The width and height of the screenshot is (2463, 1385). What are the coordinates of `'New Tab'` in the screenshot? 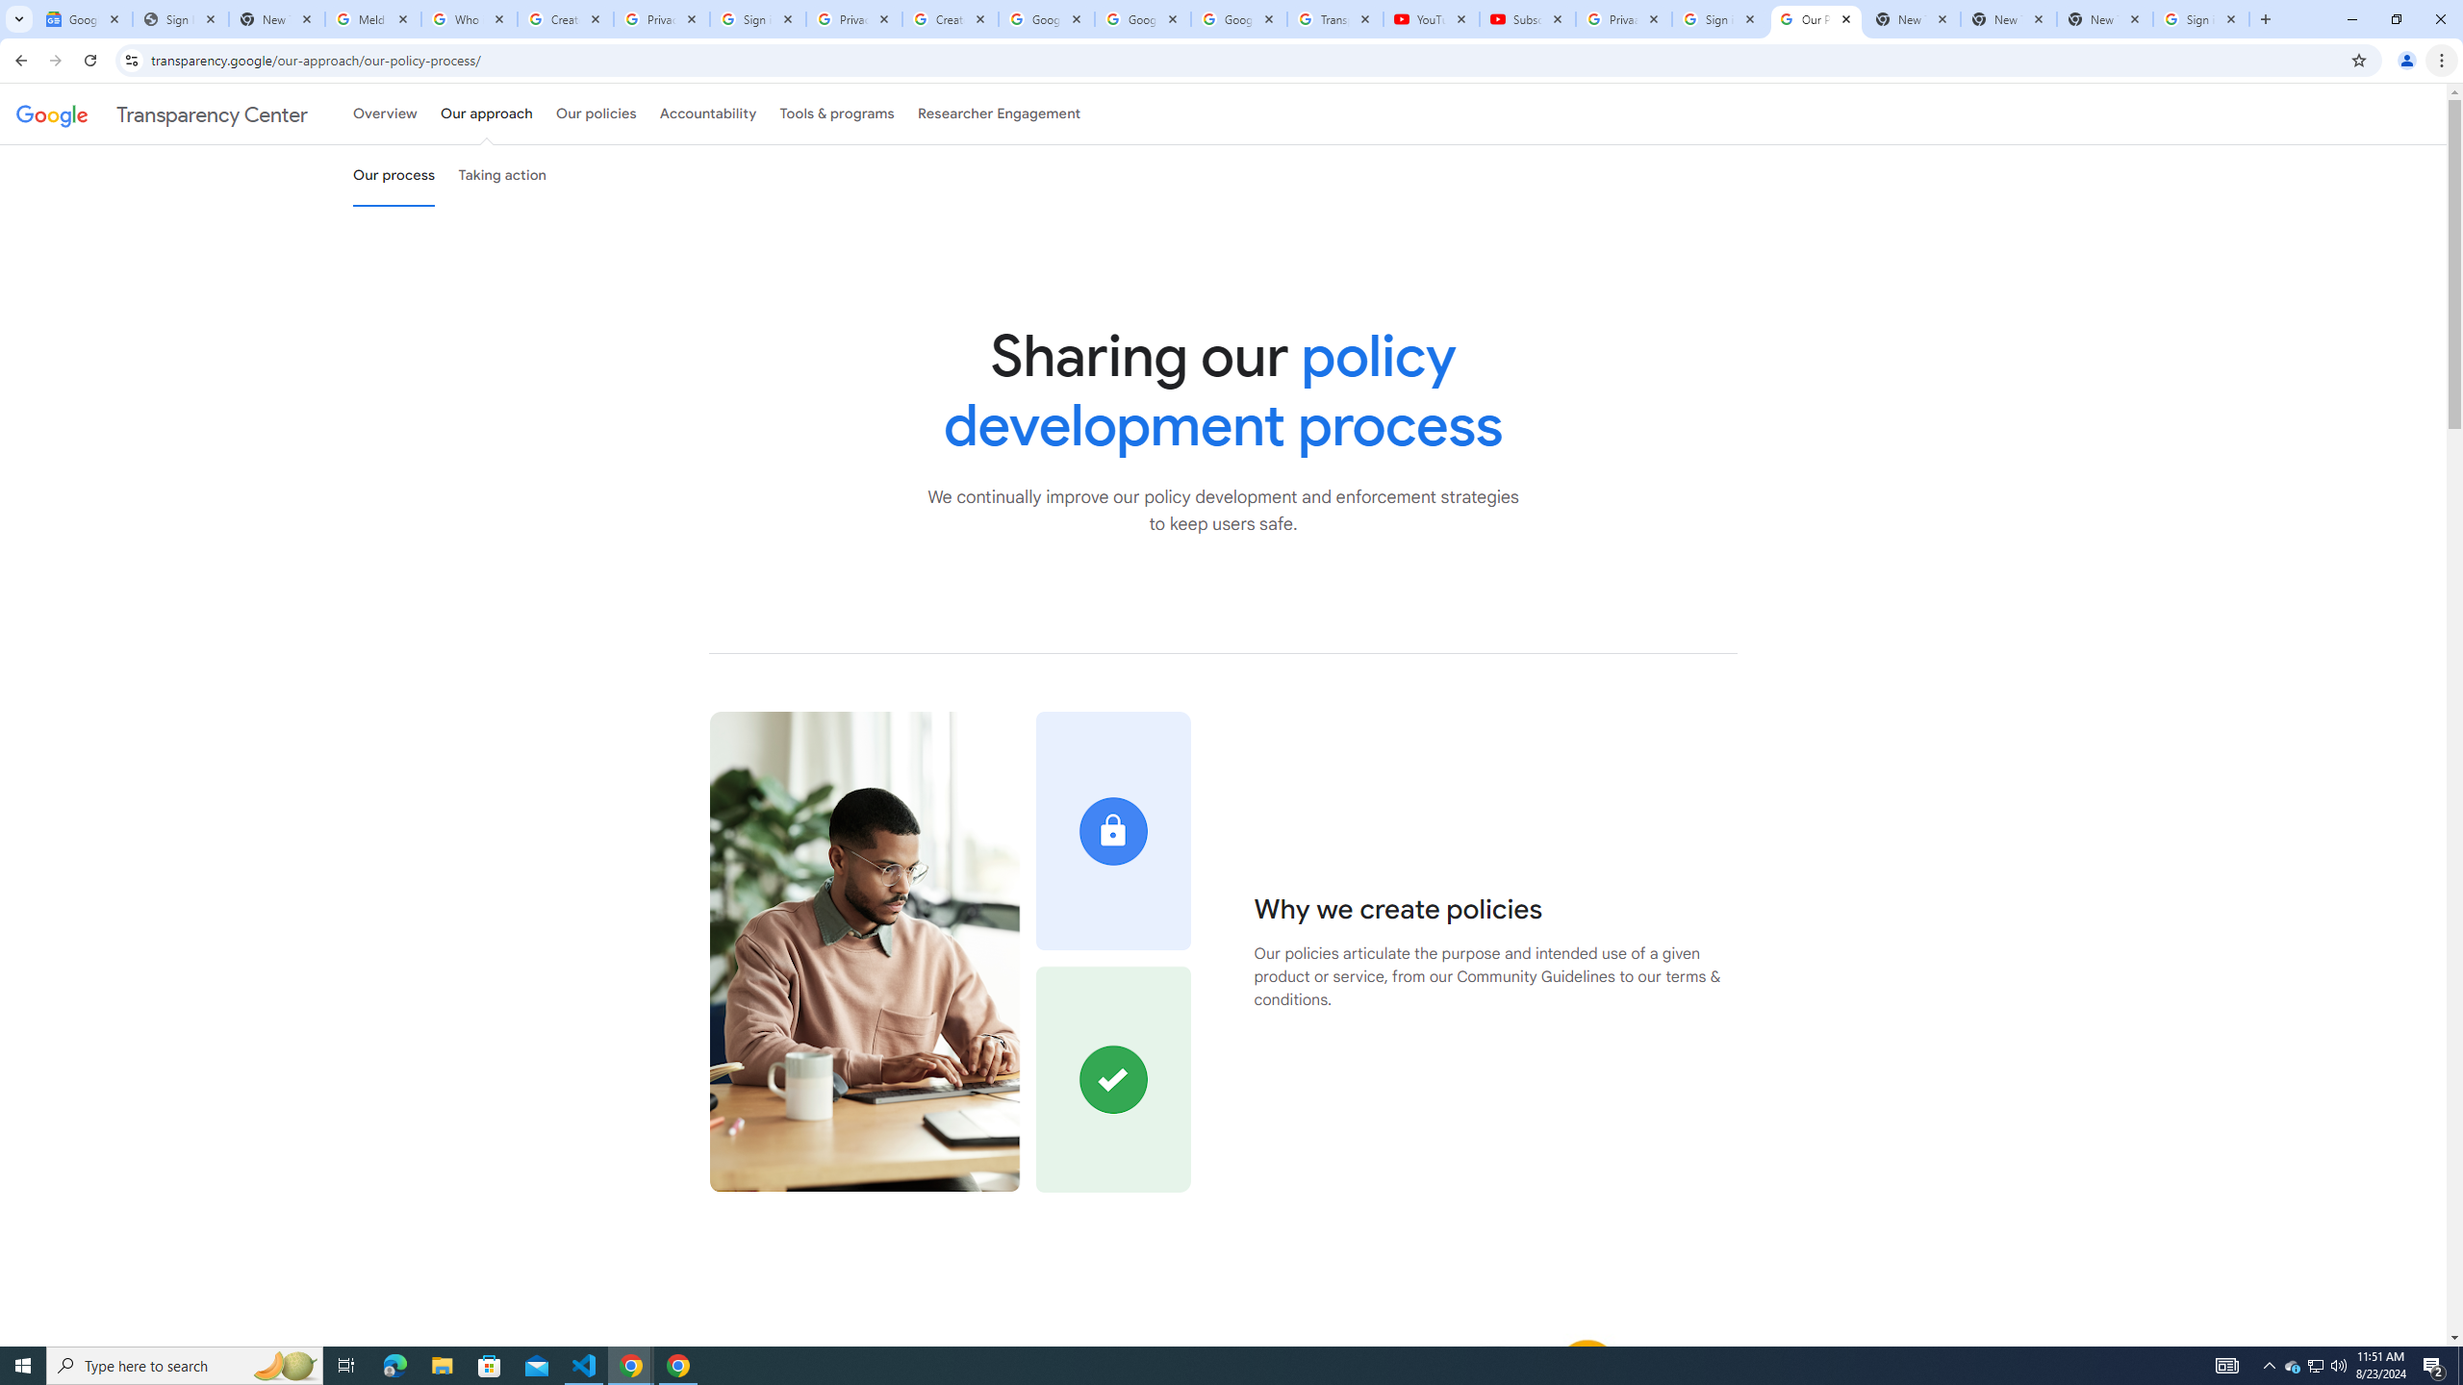 It's located at (2105, 18).